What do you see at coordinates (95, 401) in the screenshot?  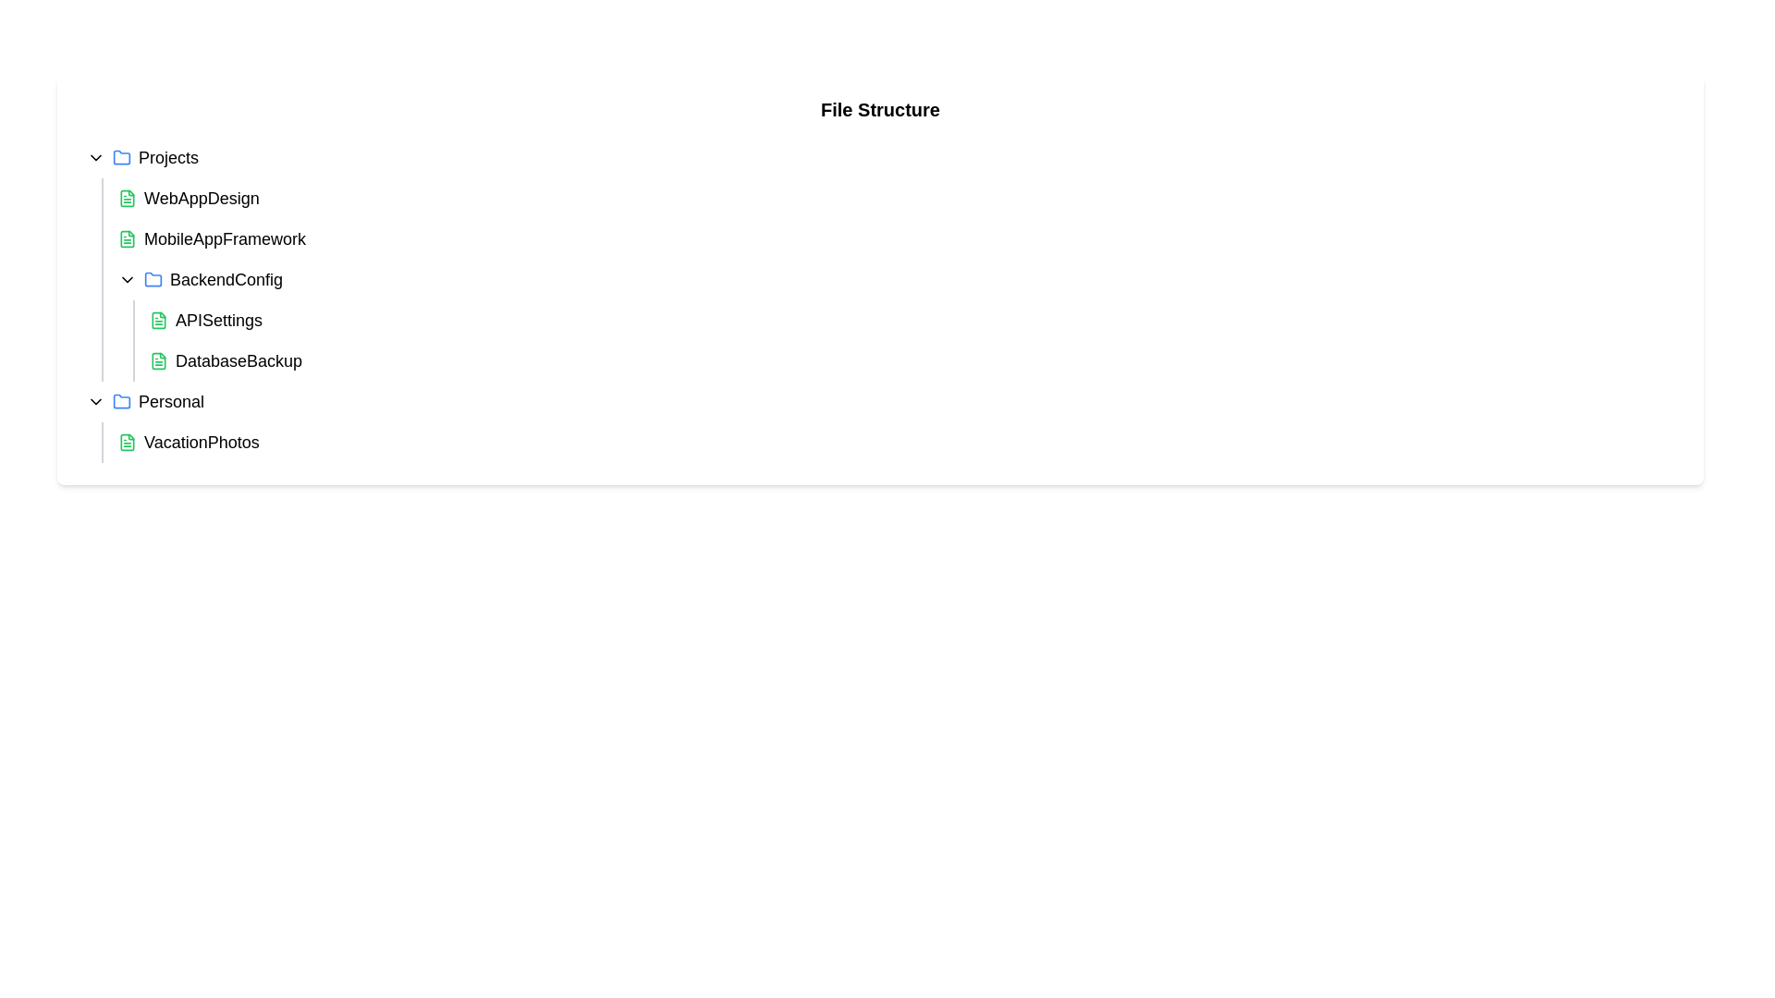 I see `the downward-pointing chevron icon located to the left of the 'Personal' label` at bounding box center [95, 401].